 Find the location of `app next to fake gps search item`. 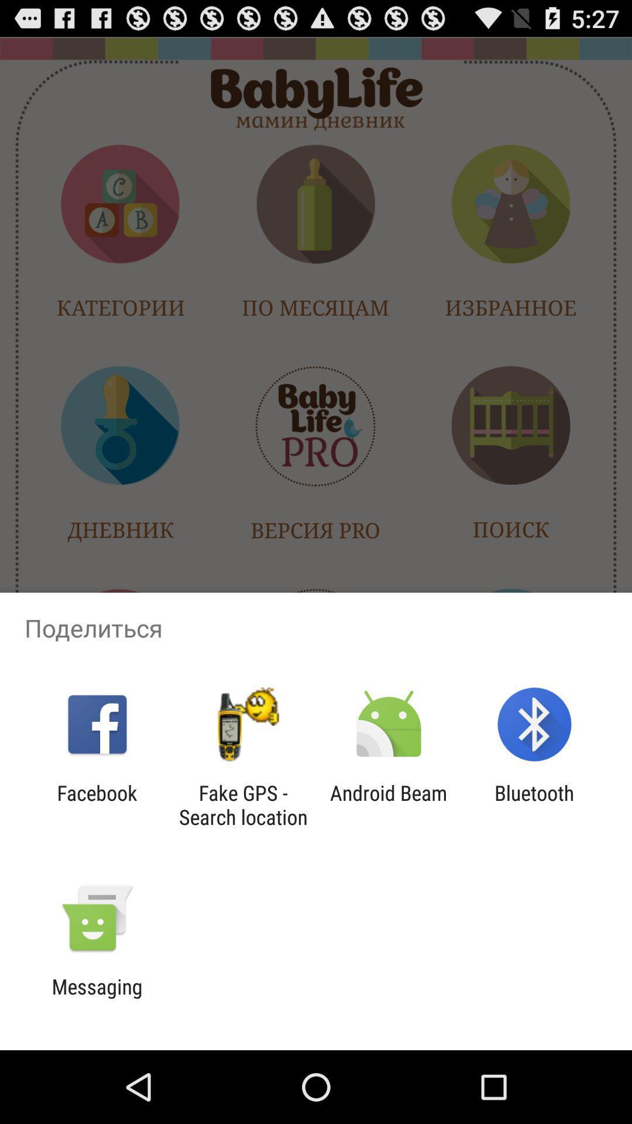

app next to fake gps search item is located at coordinates (97, 804).